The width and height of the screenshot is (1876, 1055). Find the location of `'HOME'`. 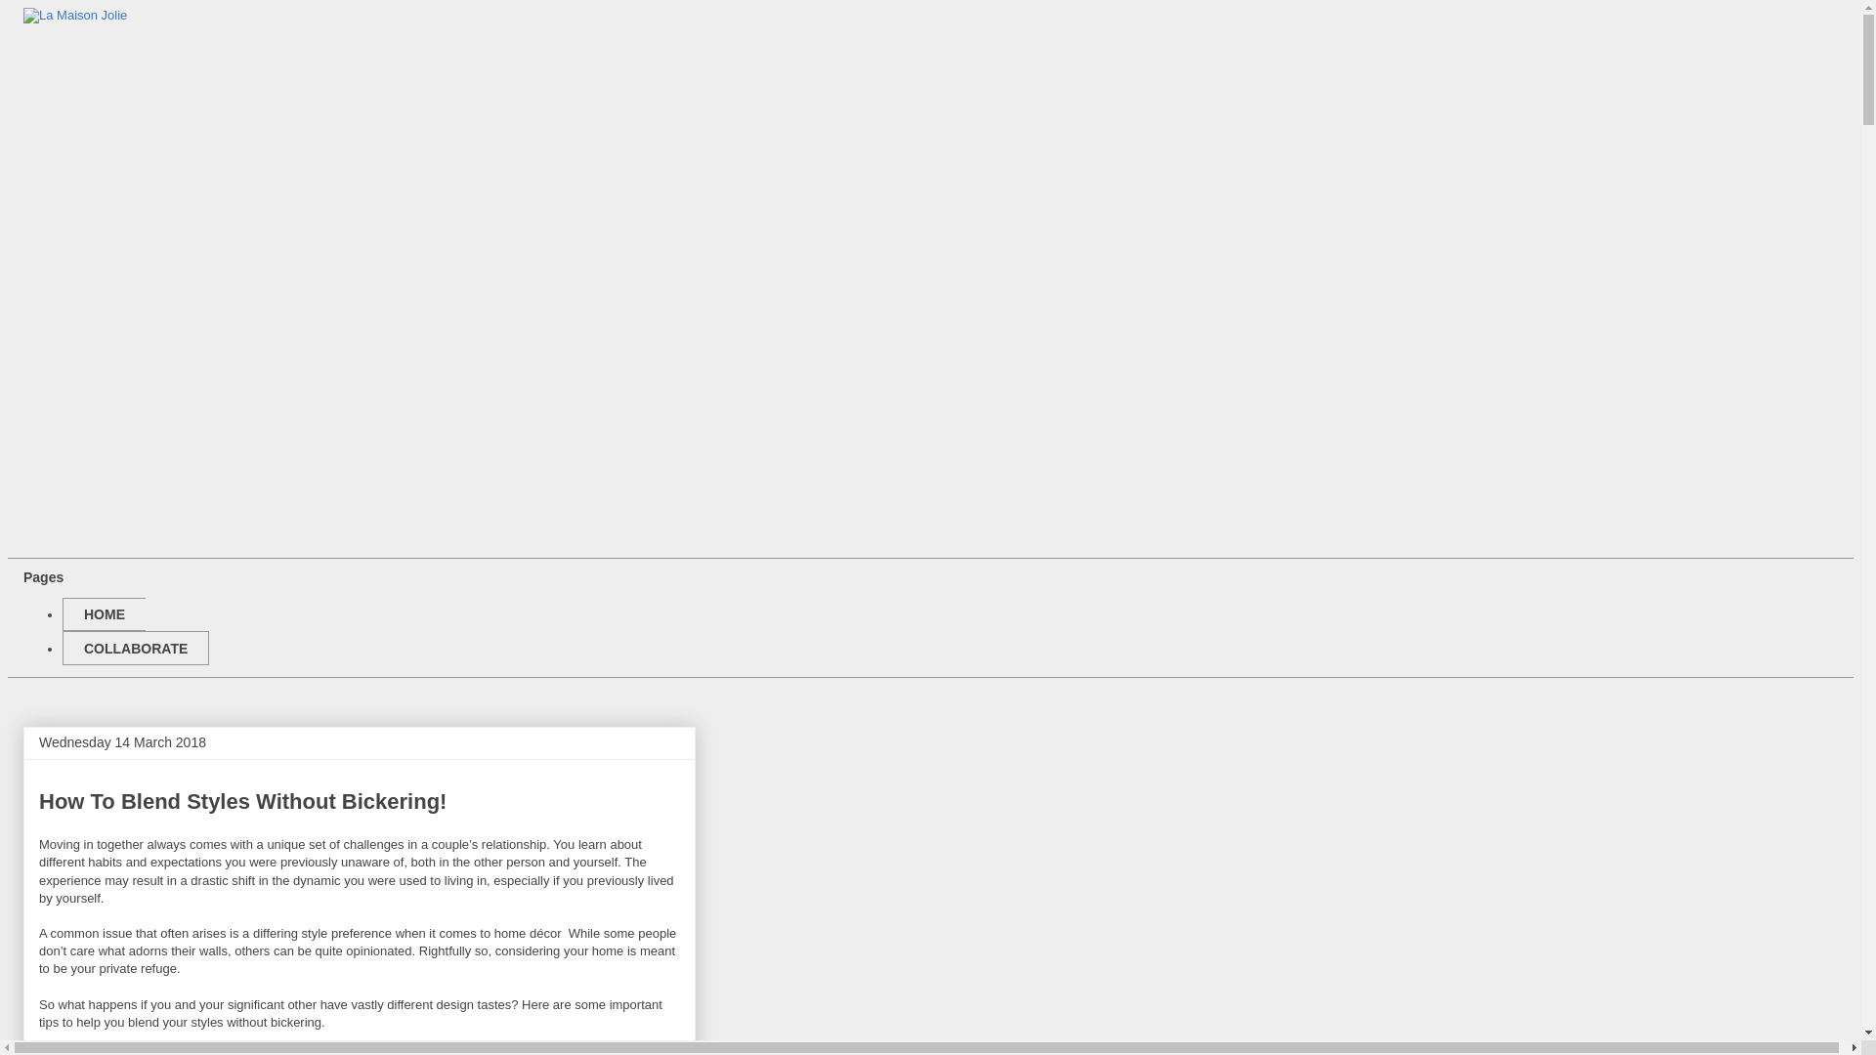

'HOME' is located at coordinates (103, 613).